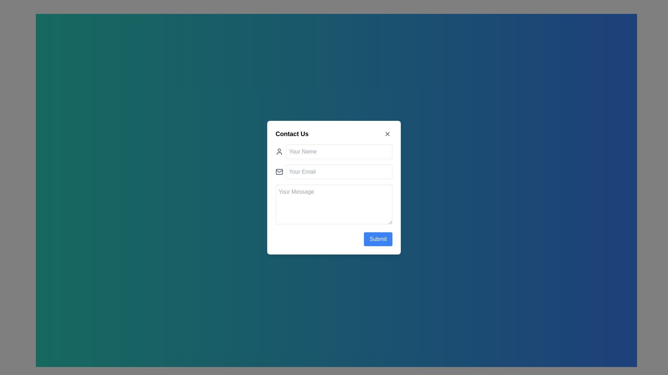 Image resolution: width=668 pixels, height=375 pixels. I want to click on the text area for input within the contact form layout located centrally in the modal dialog box beneath the 'Contact Us' header, so click(334, 185).